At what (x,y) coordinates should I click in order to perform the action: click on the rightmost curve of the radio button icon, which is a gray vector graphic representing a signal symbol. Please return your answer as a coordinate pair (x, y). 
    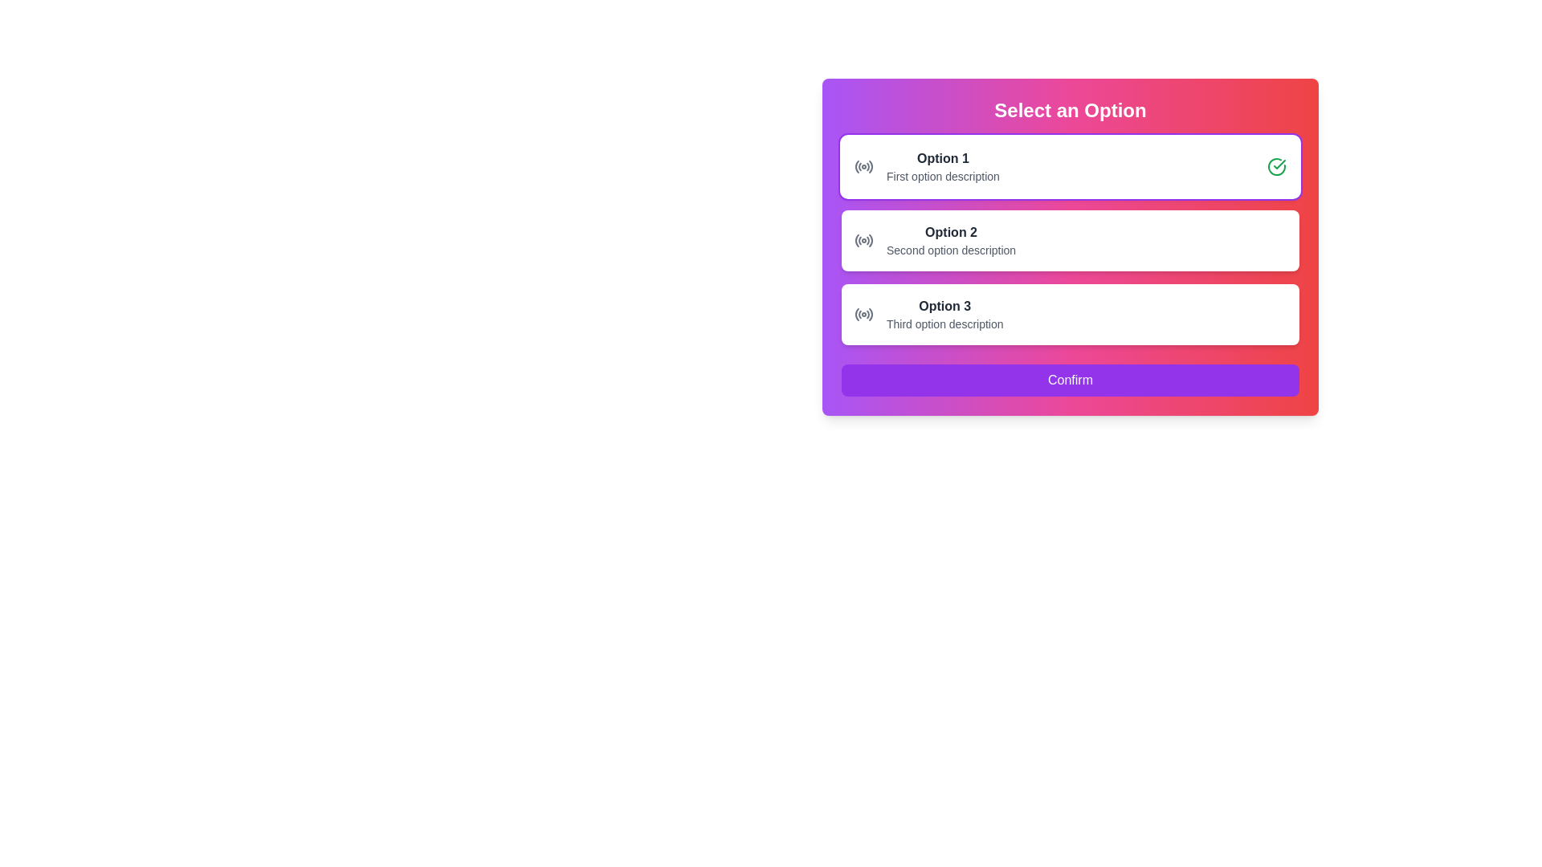
    Looking at the image, I should click on (870, 166).